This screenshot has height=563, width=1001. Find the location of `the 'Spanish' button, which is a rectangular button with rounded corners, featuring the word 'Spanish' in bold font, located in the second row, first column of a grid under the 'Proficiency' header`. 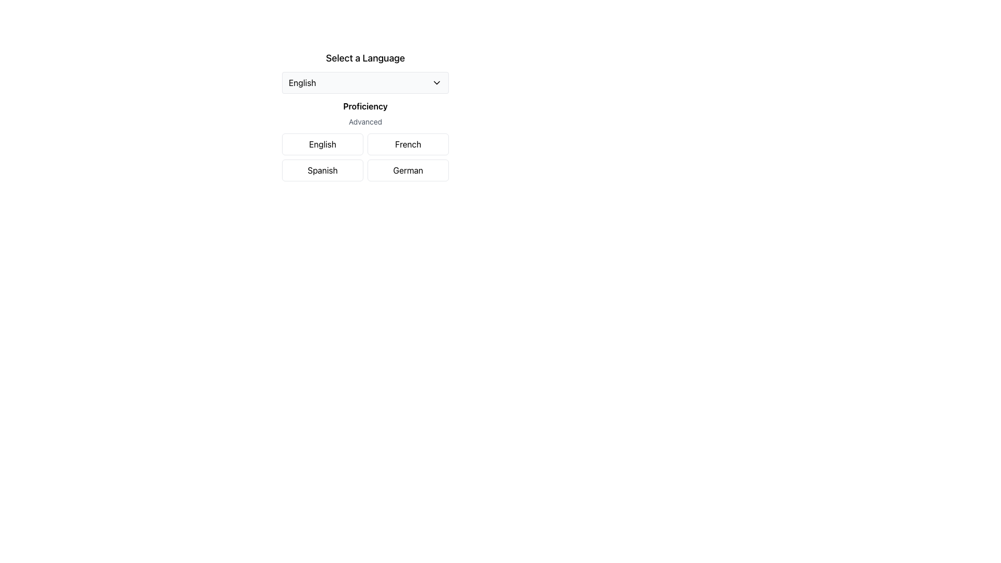

the 'Spanish' button, which is a rectangular button with rounded corners, featuring the word 'Spanish' in bold font, located in the second row, first column of a grid under the 'Proficiency' header is located at coordinates (322, 170).